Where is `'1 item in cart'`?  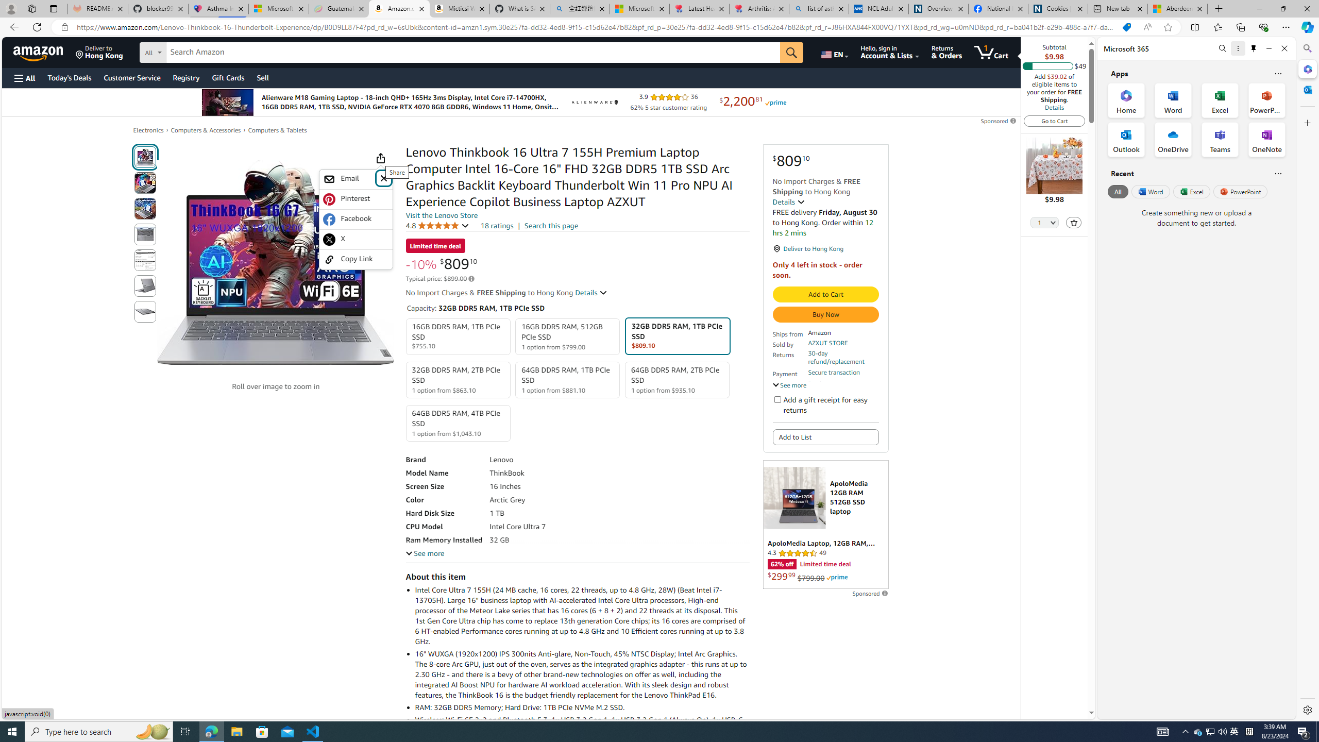
'1 item in cart' is located at coordinates (991, 52).